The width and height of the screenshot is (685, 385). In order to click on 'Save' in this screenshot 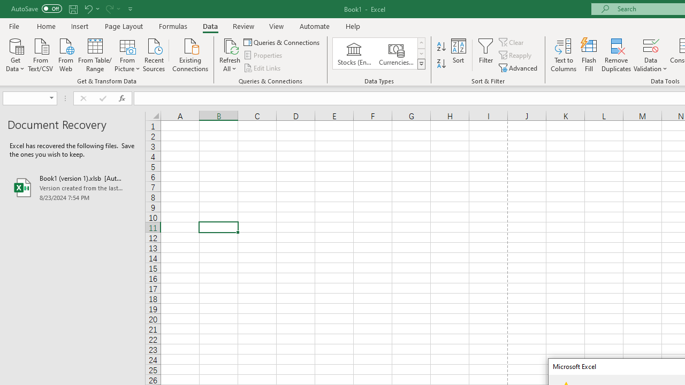, I will do `click(72, 9)`.